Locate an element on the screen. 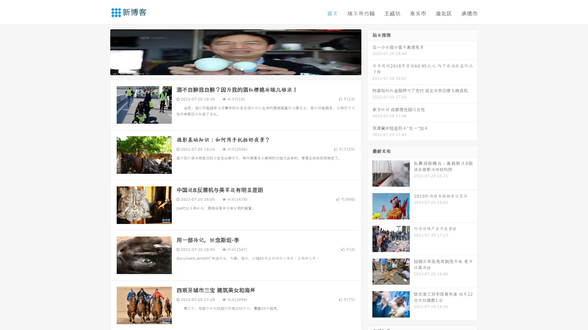 Image resolution: width=588 pixels, height=330 pixels. Previous slide is located at coordinates (101, 51).